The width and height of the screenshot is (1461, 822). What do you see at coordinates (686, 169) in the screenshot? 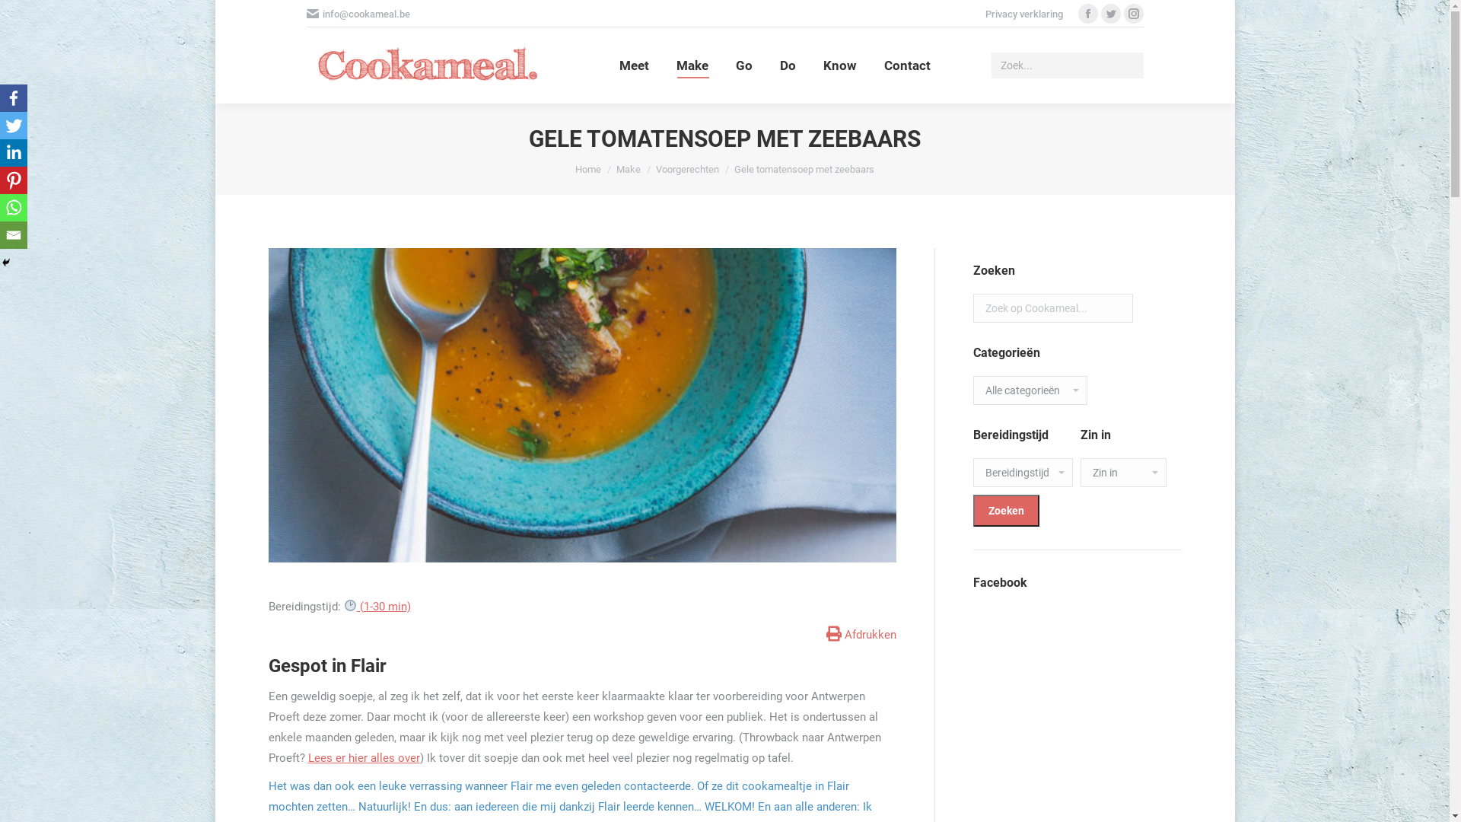
I see `'Voorgerechten'` at bounding box center [686, 169].